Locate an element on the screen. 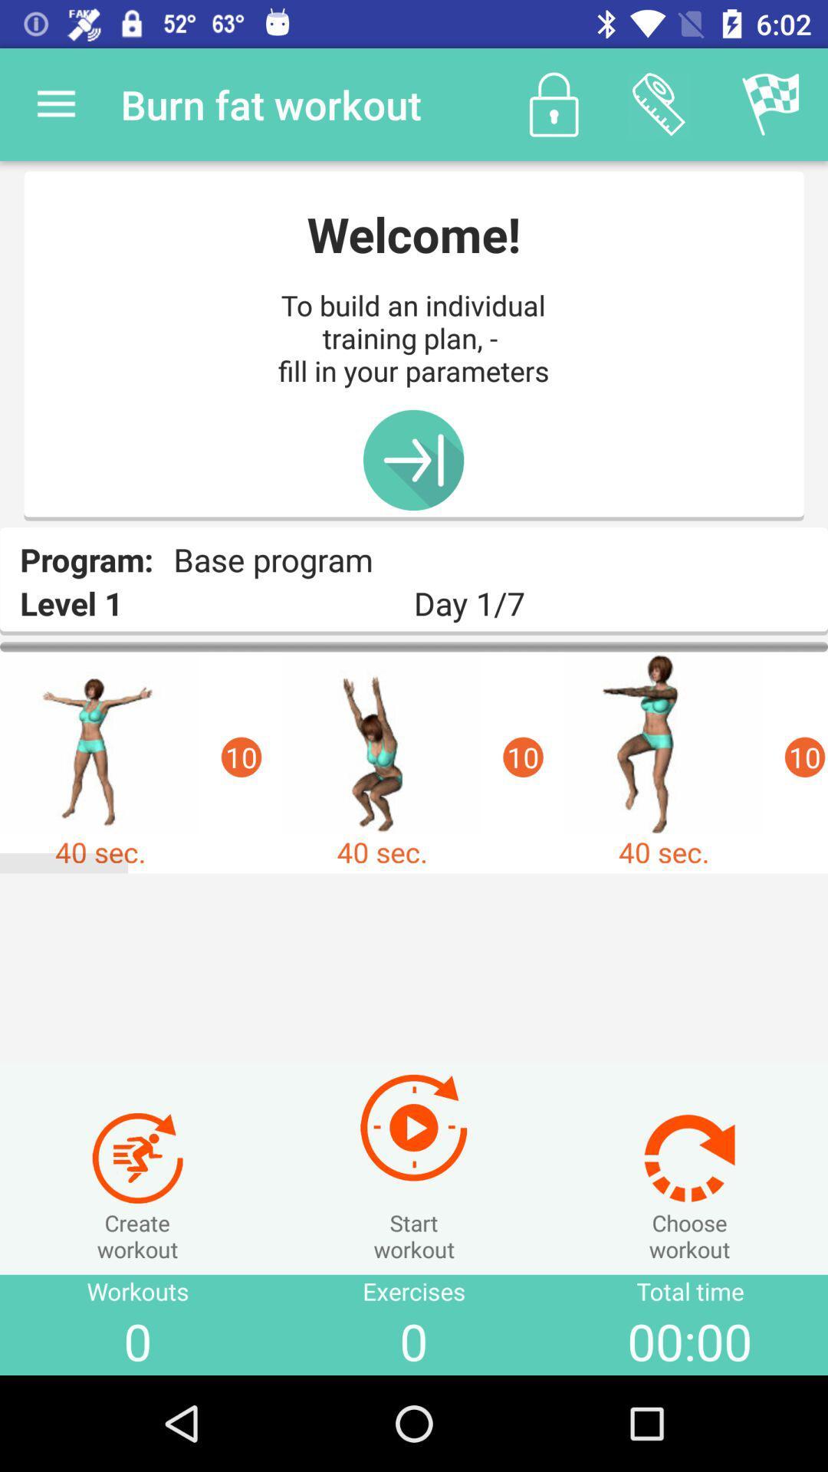  the app to the right of burn fat workout icon is located at coordinates (554, 103).